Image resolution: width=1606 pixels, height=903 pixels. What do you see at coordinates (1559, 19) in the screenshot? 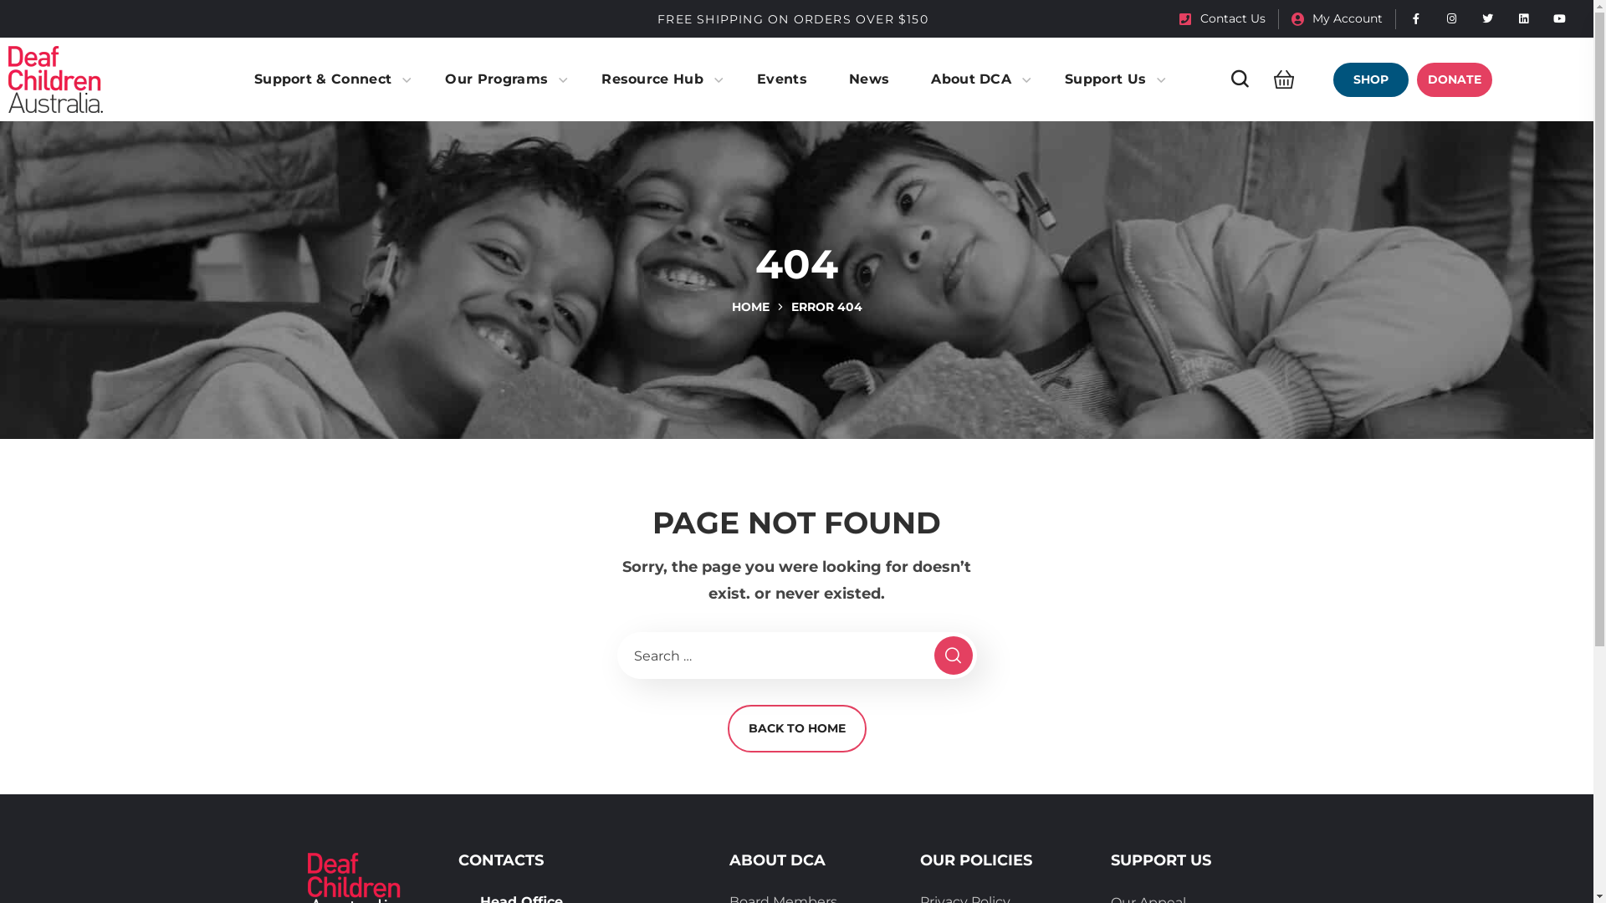
I see `'You Tube'` at bounding box center [1559, 19].